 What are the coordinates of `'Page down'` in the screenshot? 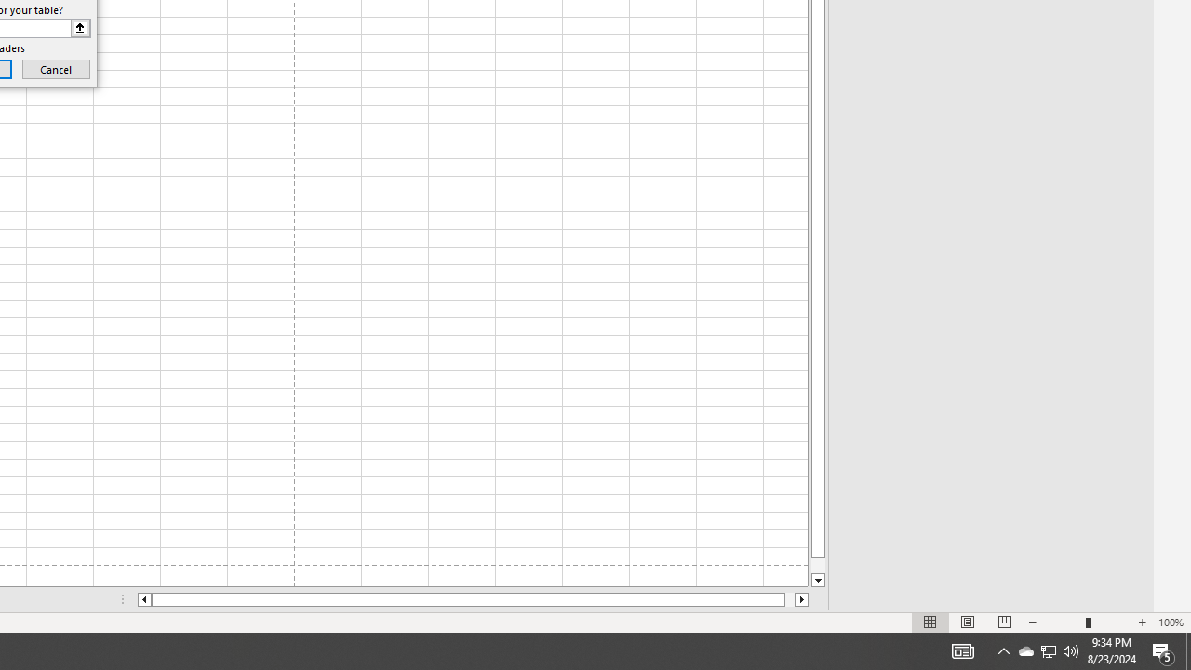 It's located at (818, 565).